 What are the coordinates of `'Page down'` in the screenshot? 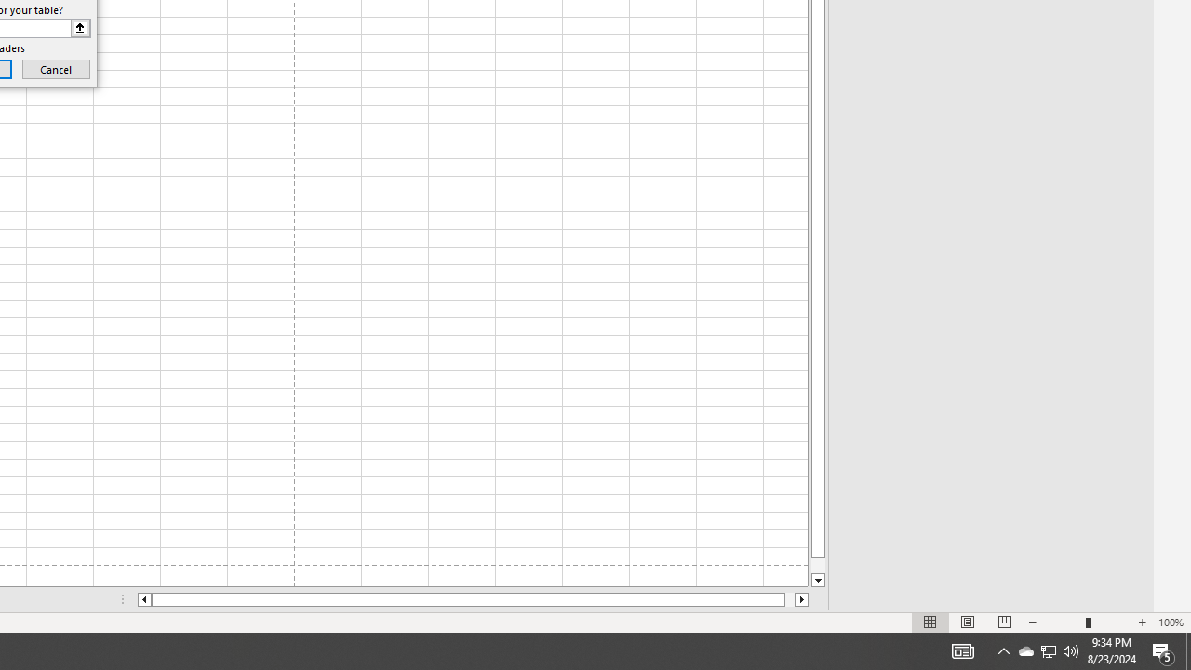 It's located at (818, 565).